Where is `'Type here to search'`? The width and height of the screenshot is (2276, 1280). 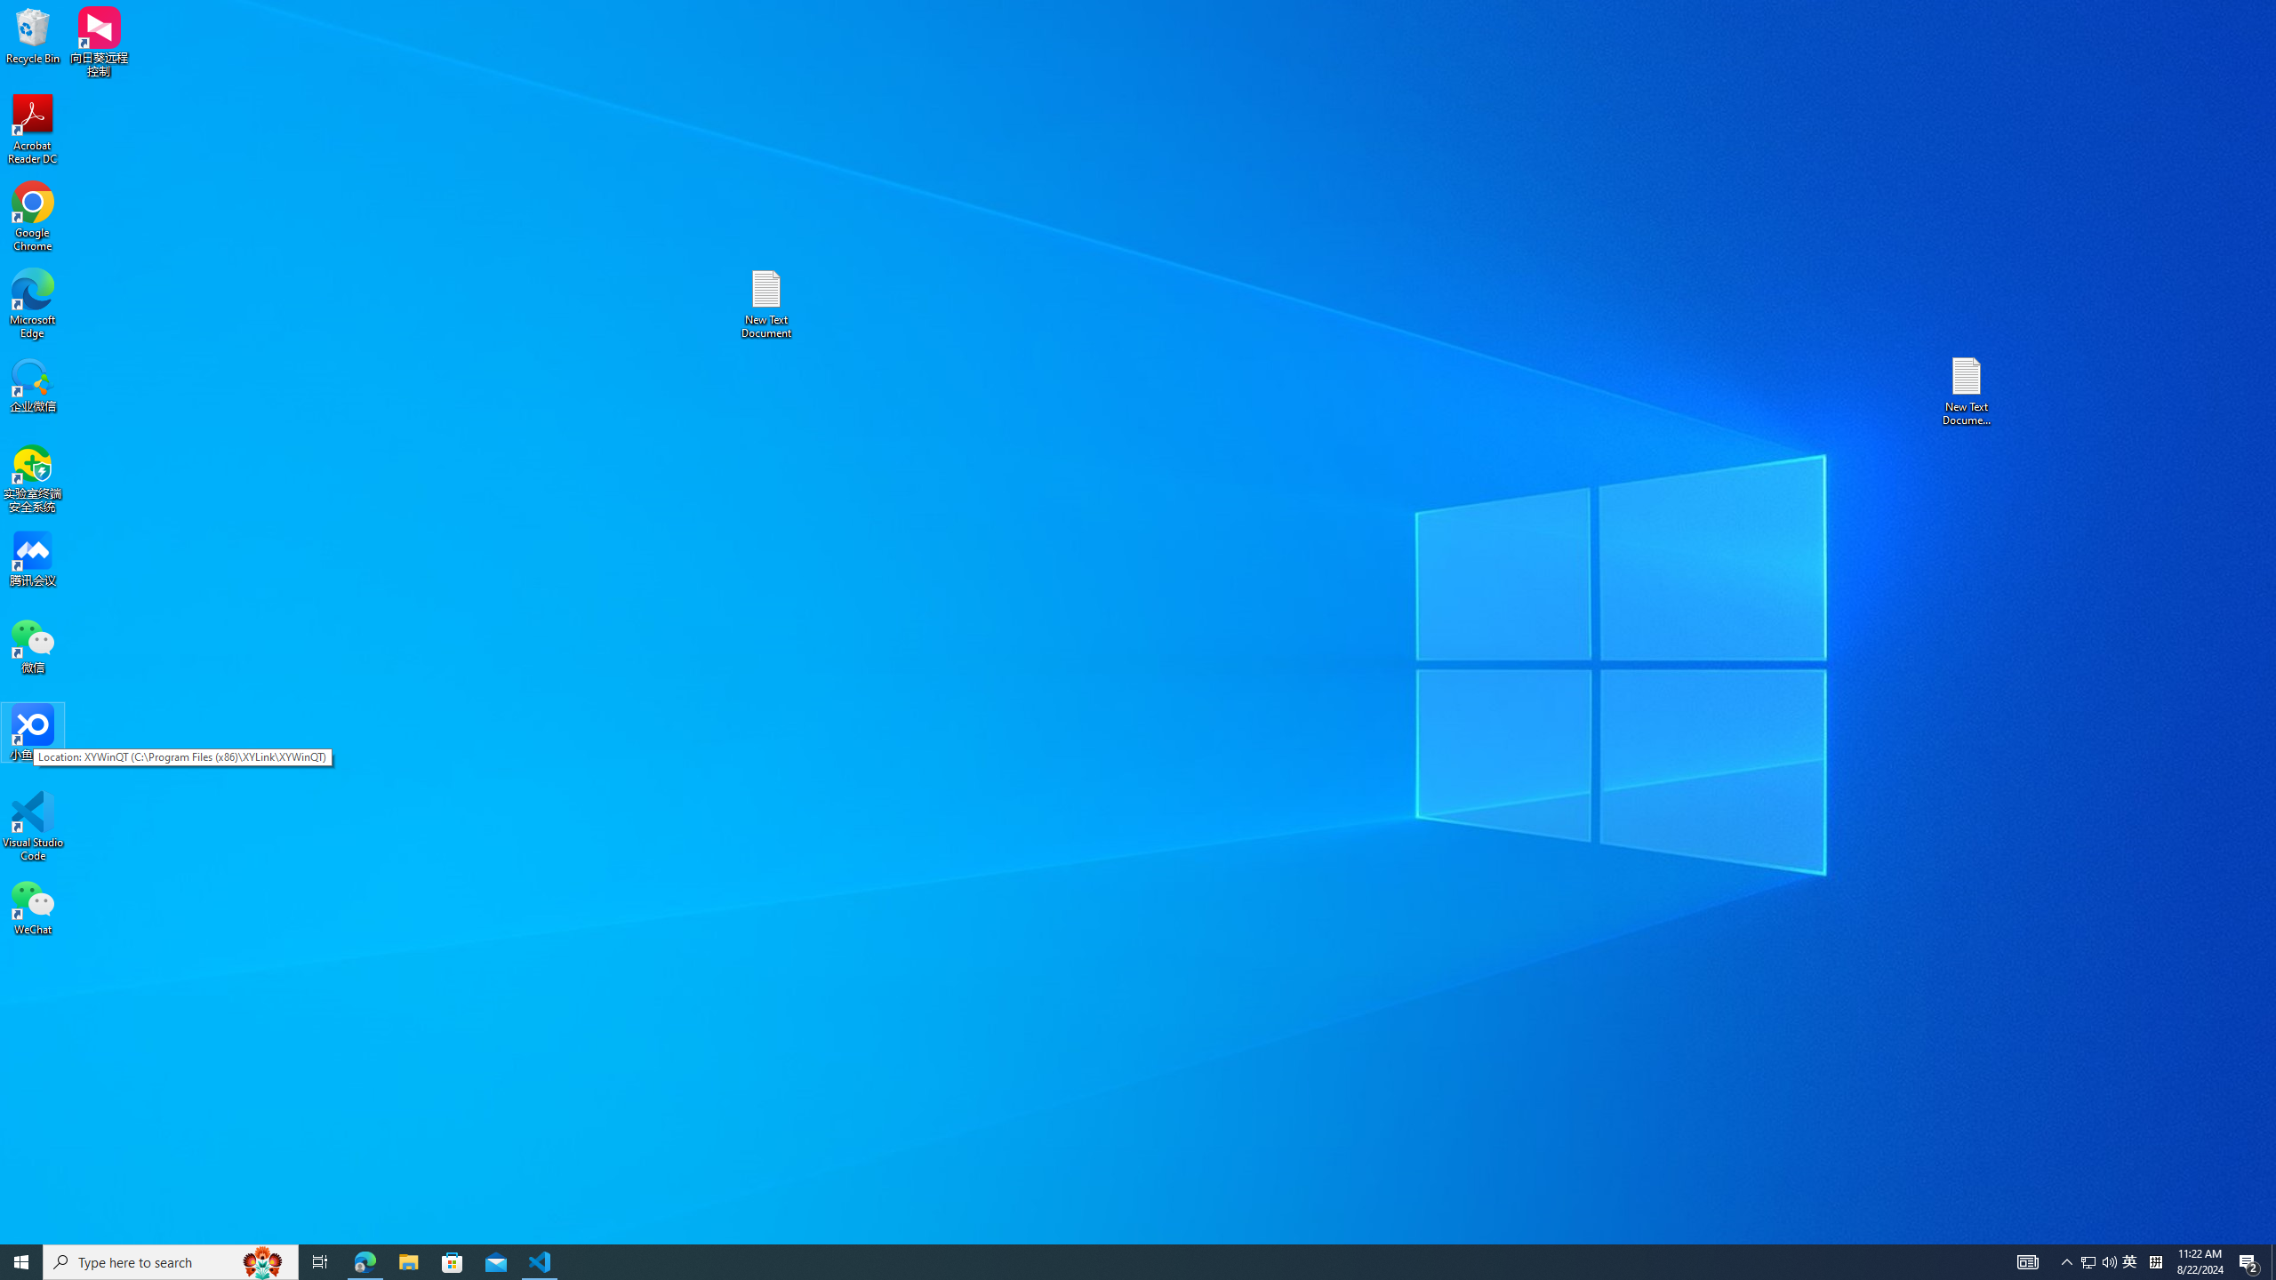
'Type here to search' is located at coordinates (170, 1260).